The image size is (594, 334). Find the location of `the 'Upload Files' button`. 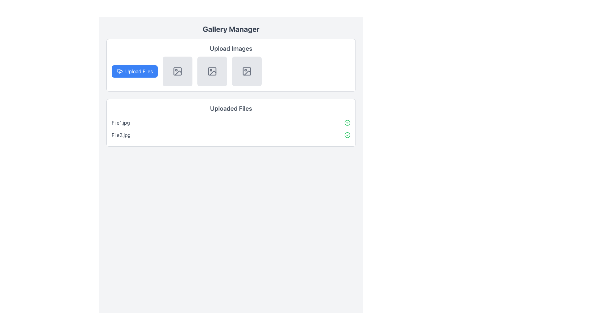

the 'Upload Files' button is located at coordinates (134, 71).